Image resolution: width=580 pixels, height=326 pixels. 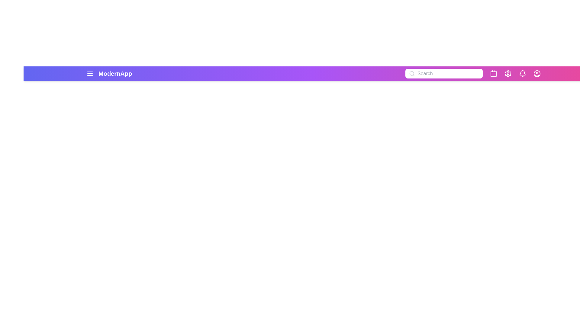 I want to click on the SVG graphical element that visually contributes to the appearance of the calendar icon, located at the center of the calendar icon, to the right of the search box in the header, so click(x=493, y=74).